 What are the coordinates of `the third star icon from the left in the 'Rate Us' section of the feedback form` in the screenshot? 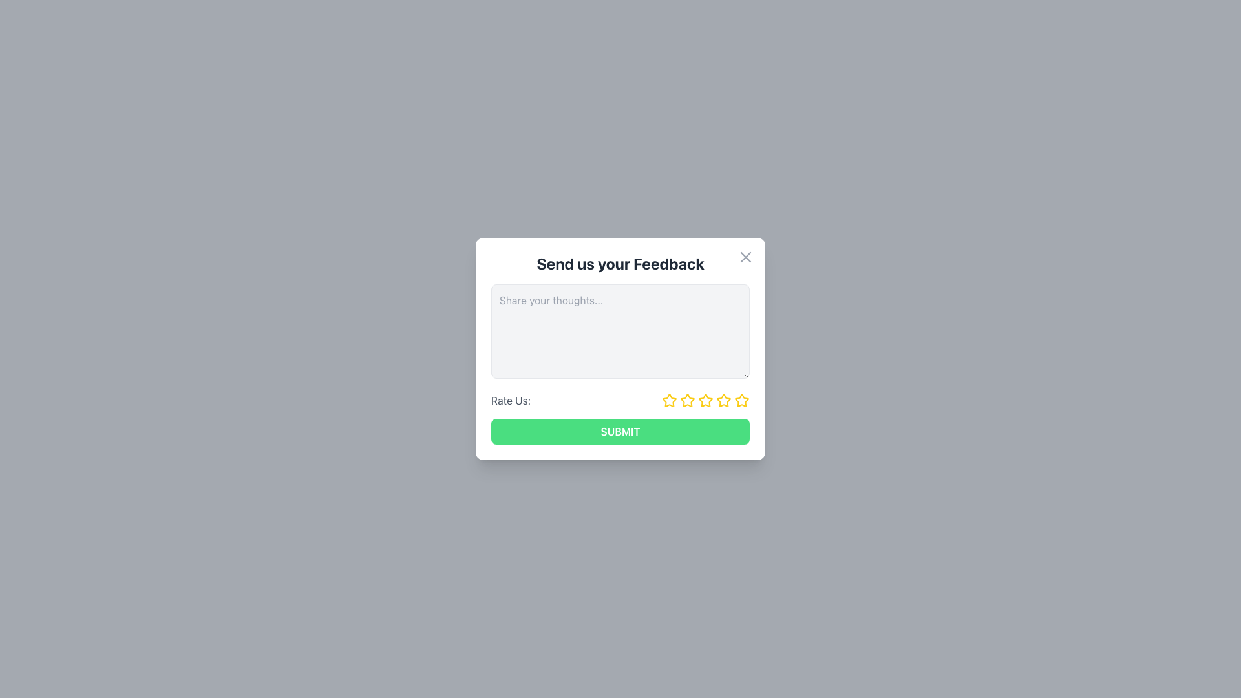 It's located at (687, 400).